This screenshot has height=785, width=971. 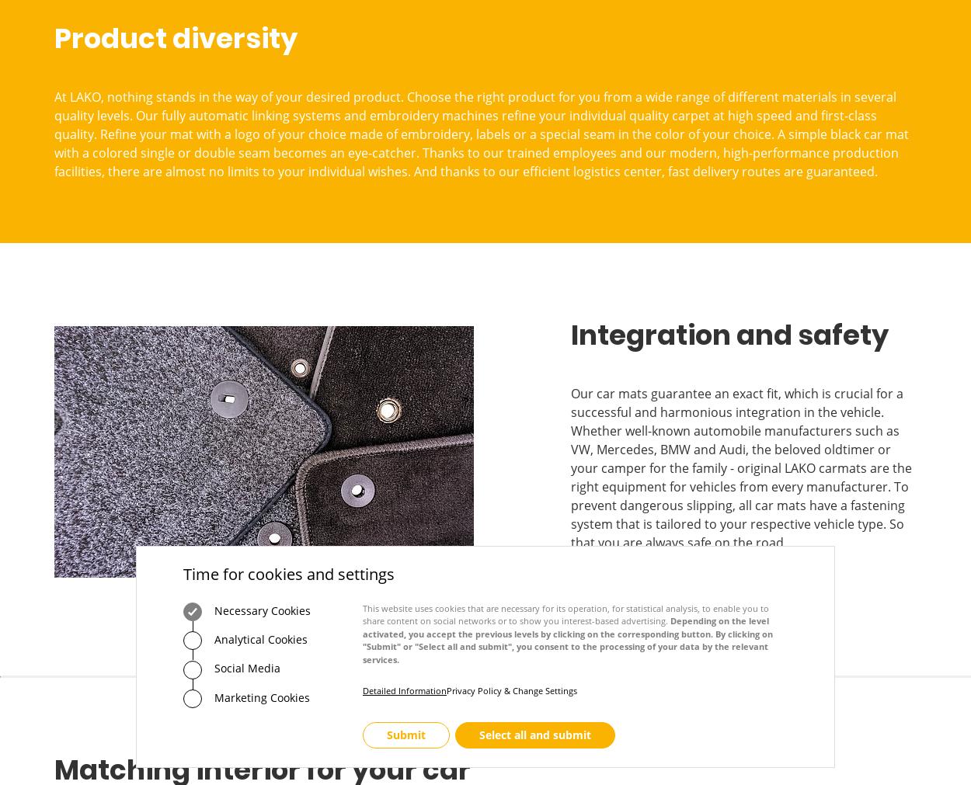 What do you see at coordinates (259, 696) in the screenshot?
I see `'Marketing Cookies'` at bounding box center [259, 696].